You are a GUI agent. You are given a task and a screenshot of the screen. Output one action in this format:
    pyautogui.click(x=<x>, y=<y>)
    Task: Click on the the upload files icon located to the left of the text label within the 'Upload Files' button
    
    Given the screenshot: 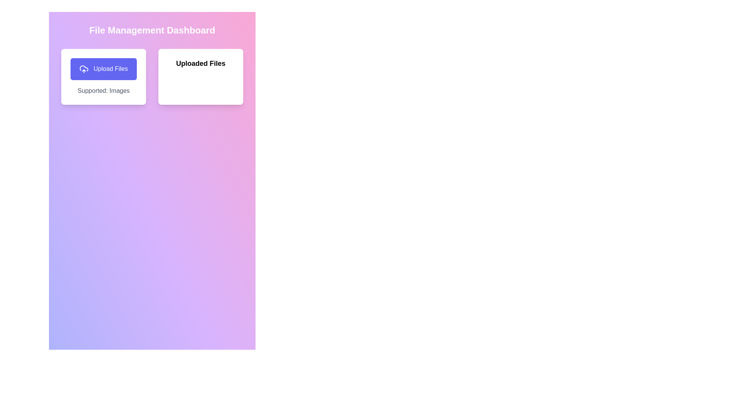 What is the action you would take?
    pyautogui.click(x=84, y=69)
    